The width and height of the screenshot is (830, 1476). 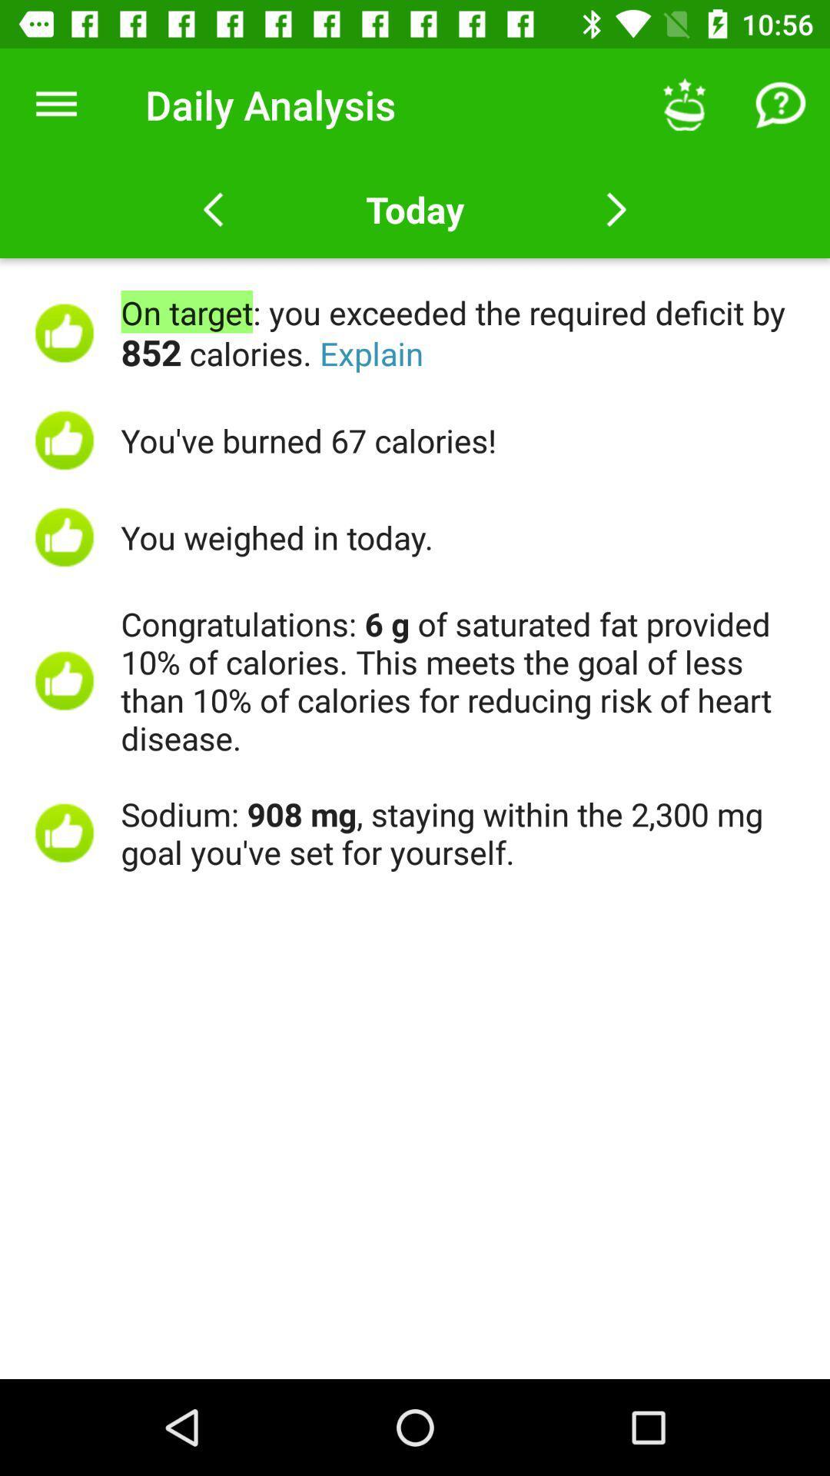 I want to click on icon next to today item, so click(x=684, y=104).